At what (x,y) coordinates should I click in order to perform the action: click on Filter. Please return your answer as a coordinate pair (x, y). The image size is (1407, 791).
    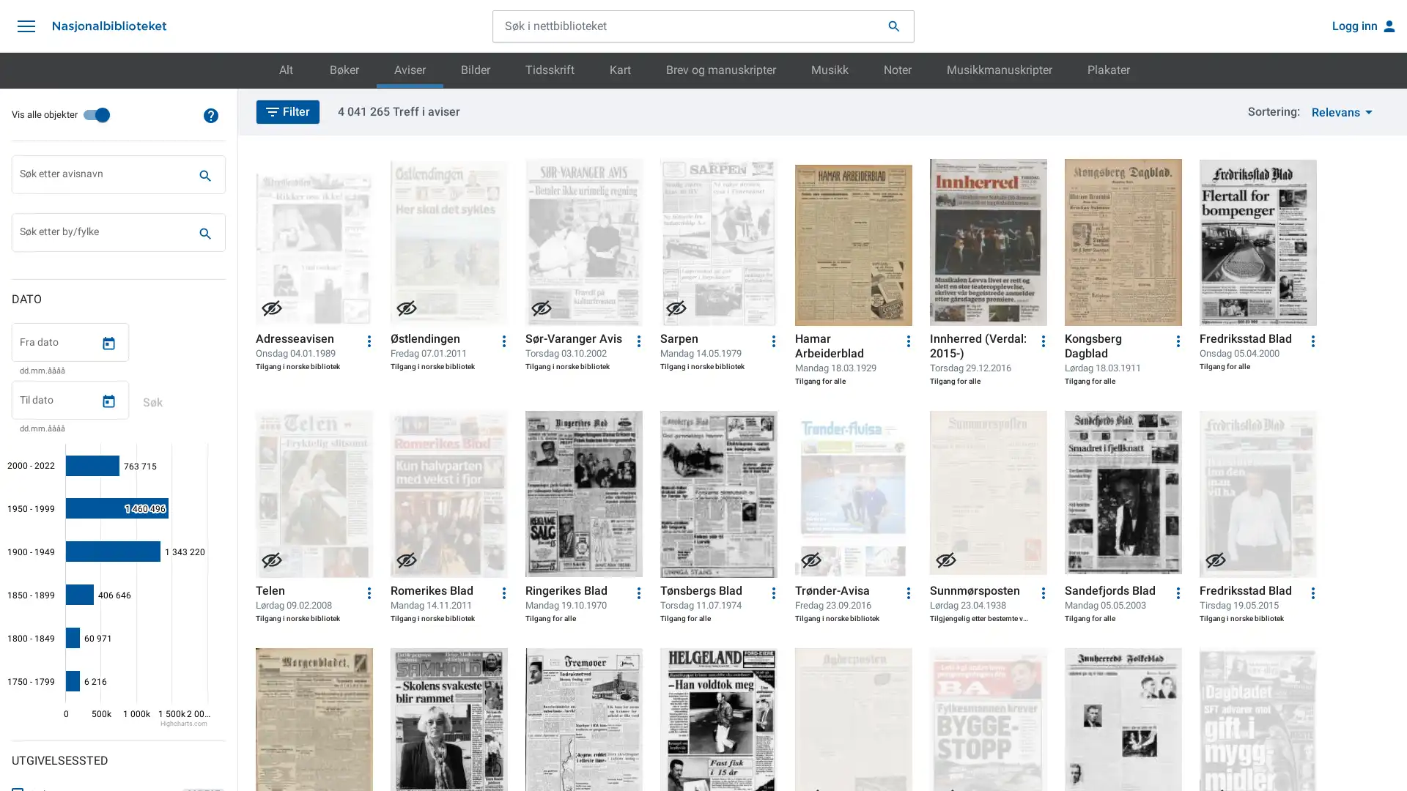
    Looking at the image, I should click on (288, 110).